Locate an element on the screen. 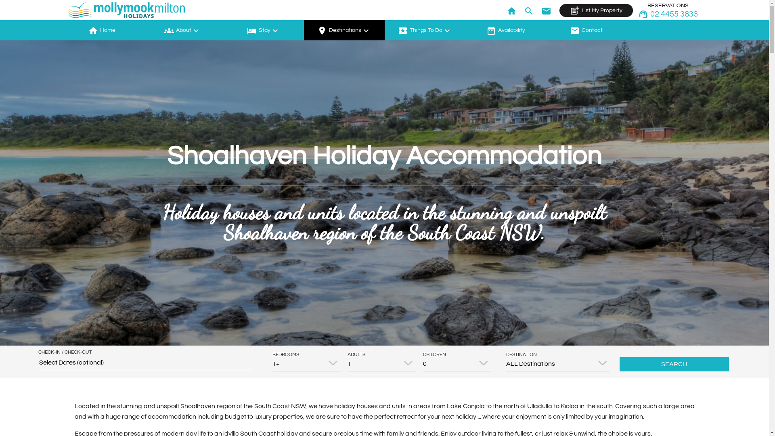 The image size is (775, 436). 'groupsAboutexpand_more' is located at coordinates (182, 29).